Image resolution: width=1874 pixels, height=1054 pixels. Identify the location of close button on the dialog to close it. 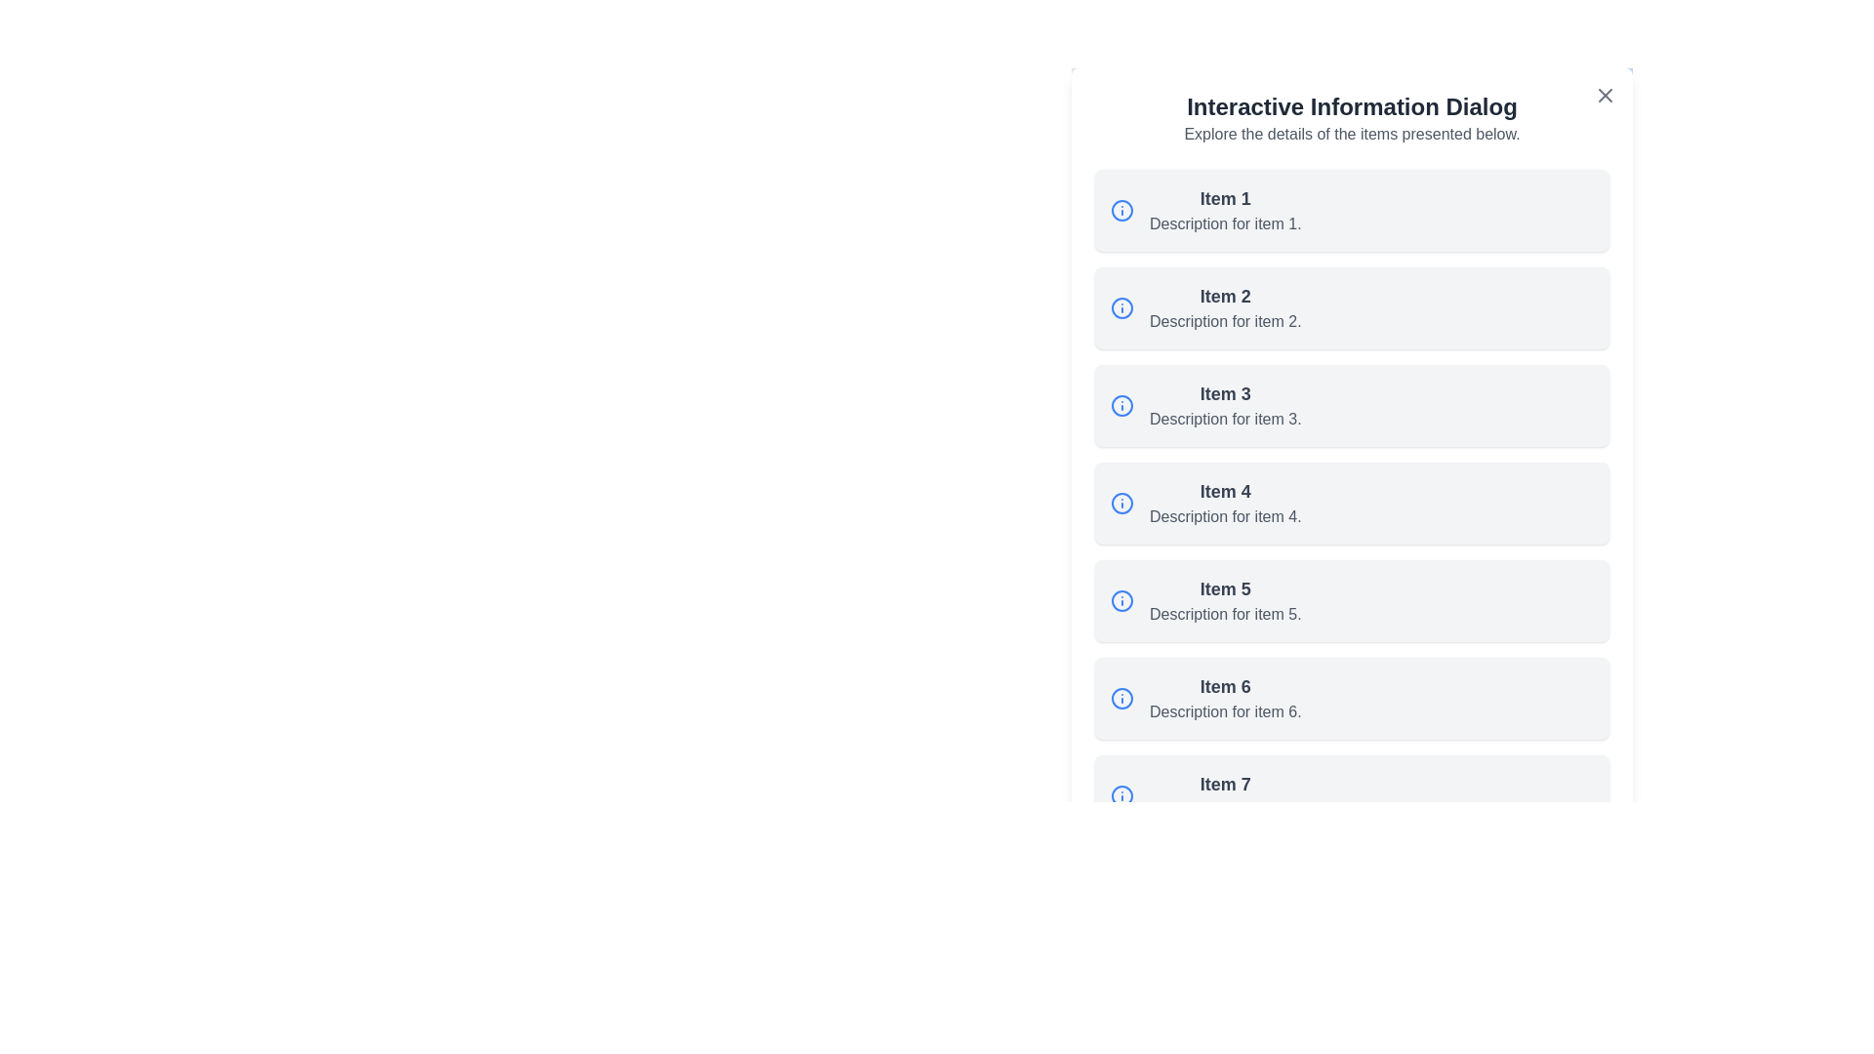
(1606, 95).